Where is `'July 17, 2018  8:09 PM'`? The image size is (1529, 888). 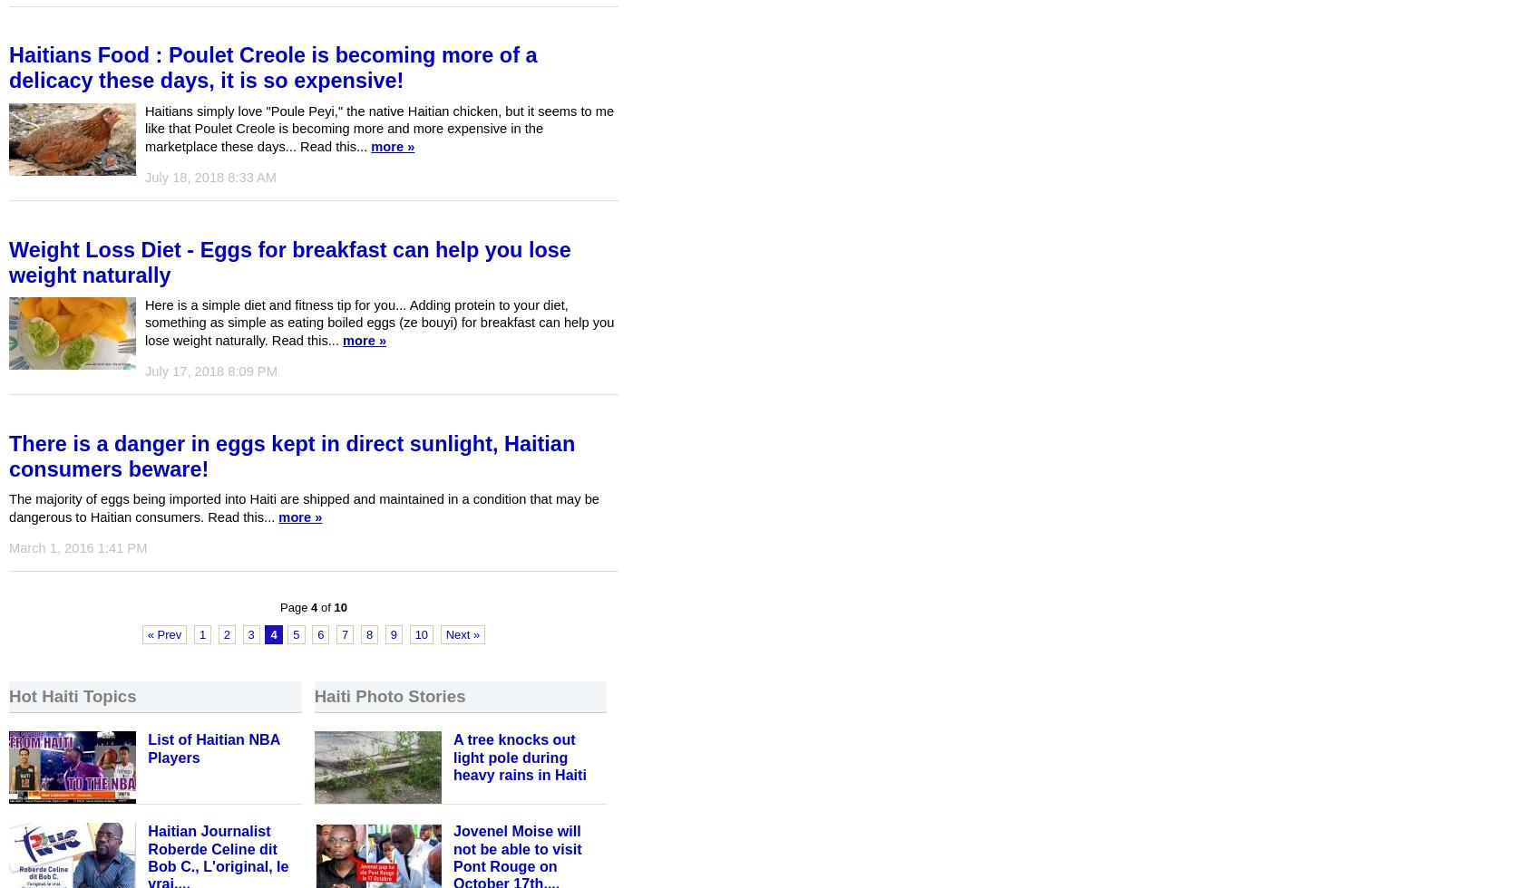
'July 17, 2018  8:09 PM' is located at coordinates (145, 372).